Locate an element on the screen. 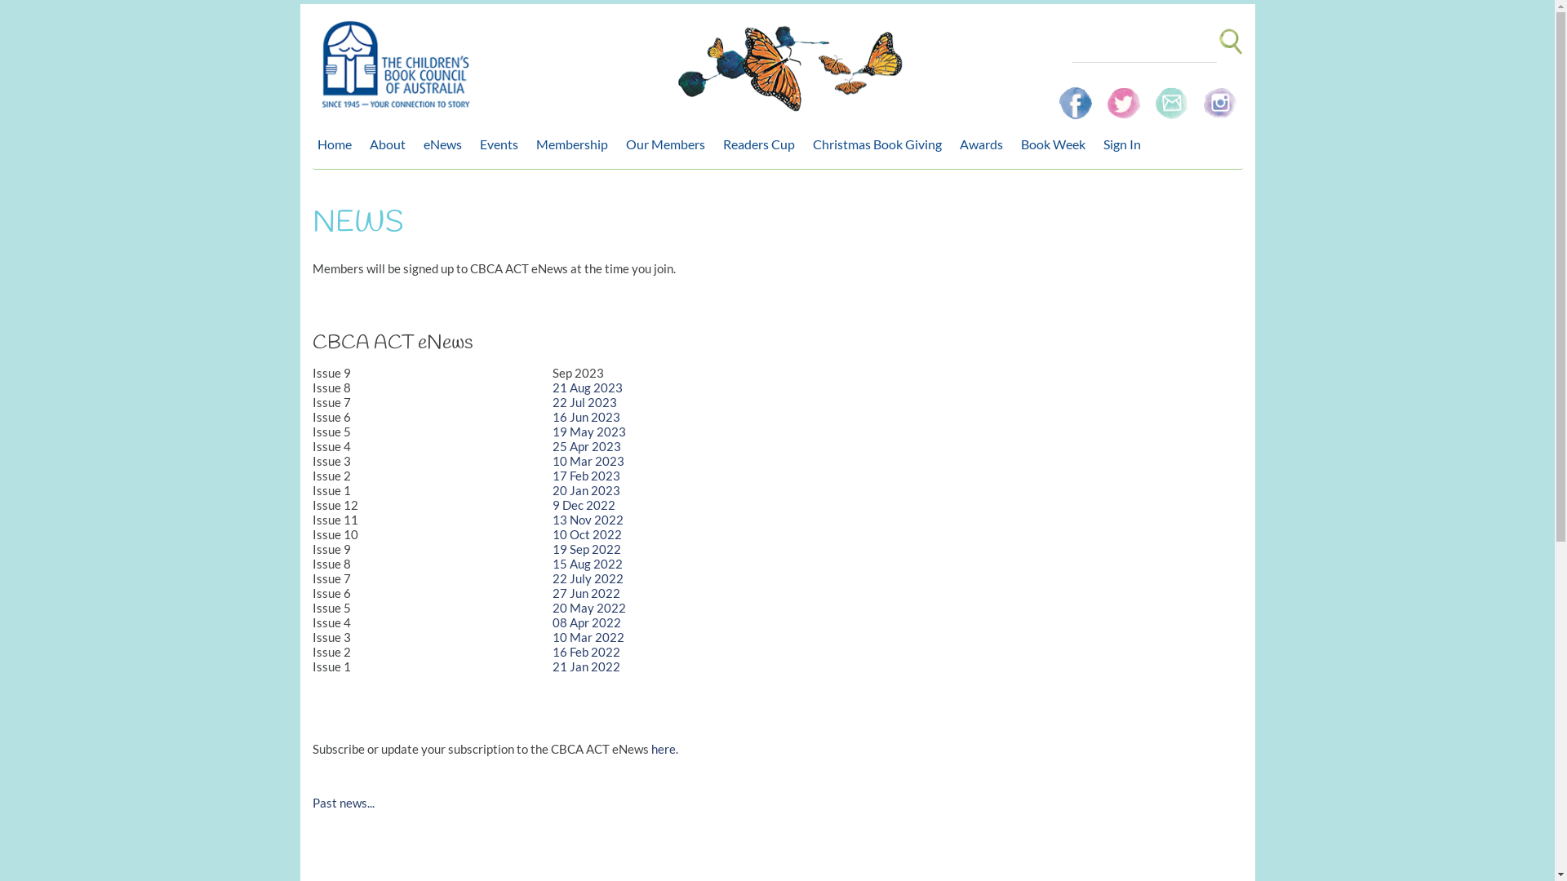 This screenshot has width=1567, height=881. 'Events' is located at coordinates (502, 144).